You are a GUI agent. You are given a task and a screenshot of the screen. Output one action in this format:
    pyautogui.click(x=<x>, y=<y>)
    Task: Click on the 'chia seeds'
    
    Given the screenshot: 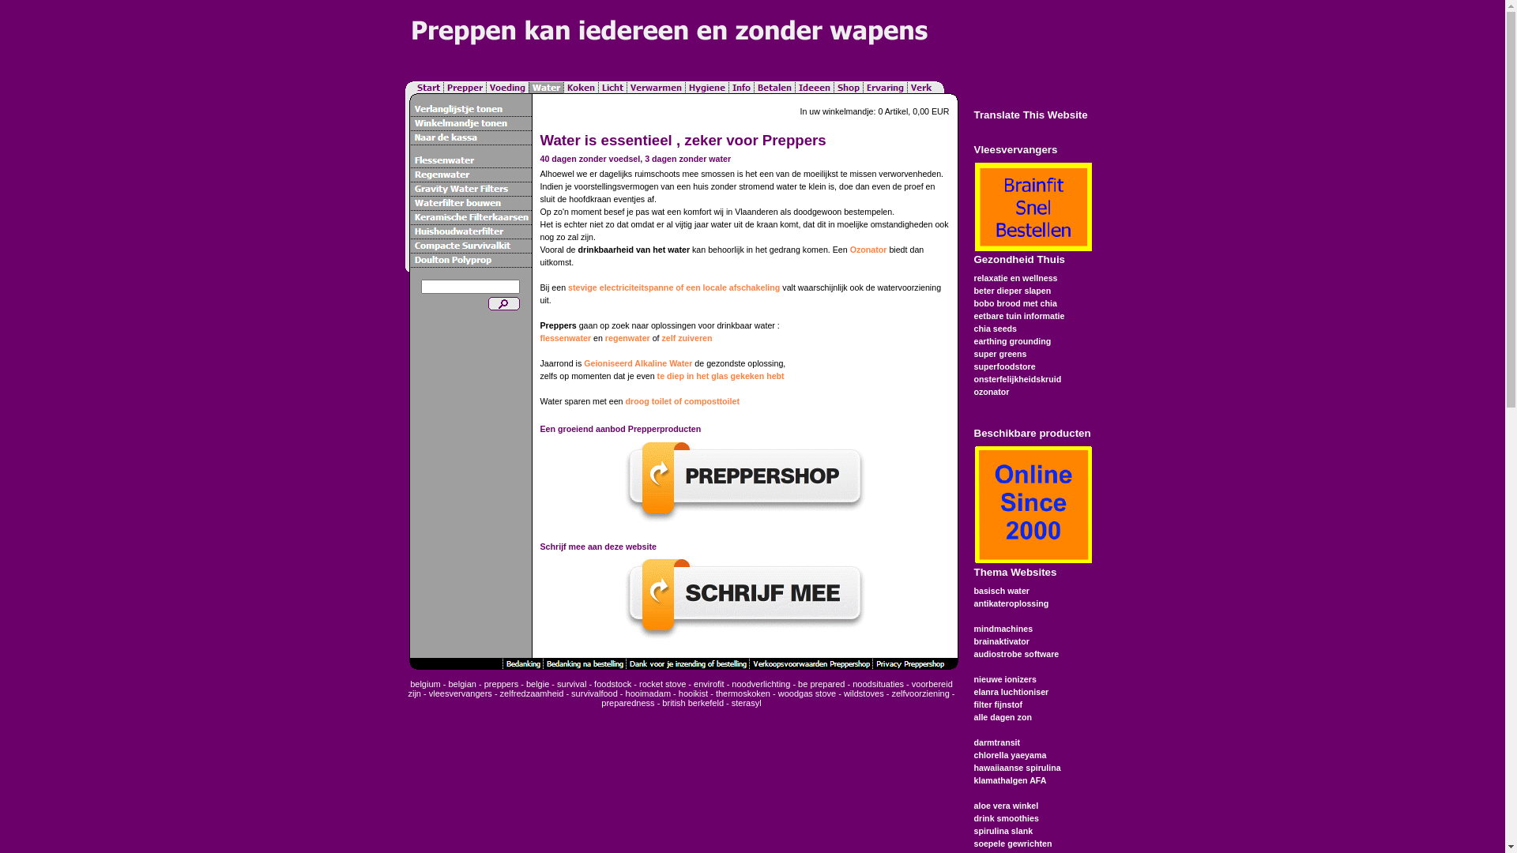 What is the action you would take?
    pyautogui.click(x=994, y=328)
    